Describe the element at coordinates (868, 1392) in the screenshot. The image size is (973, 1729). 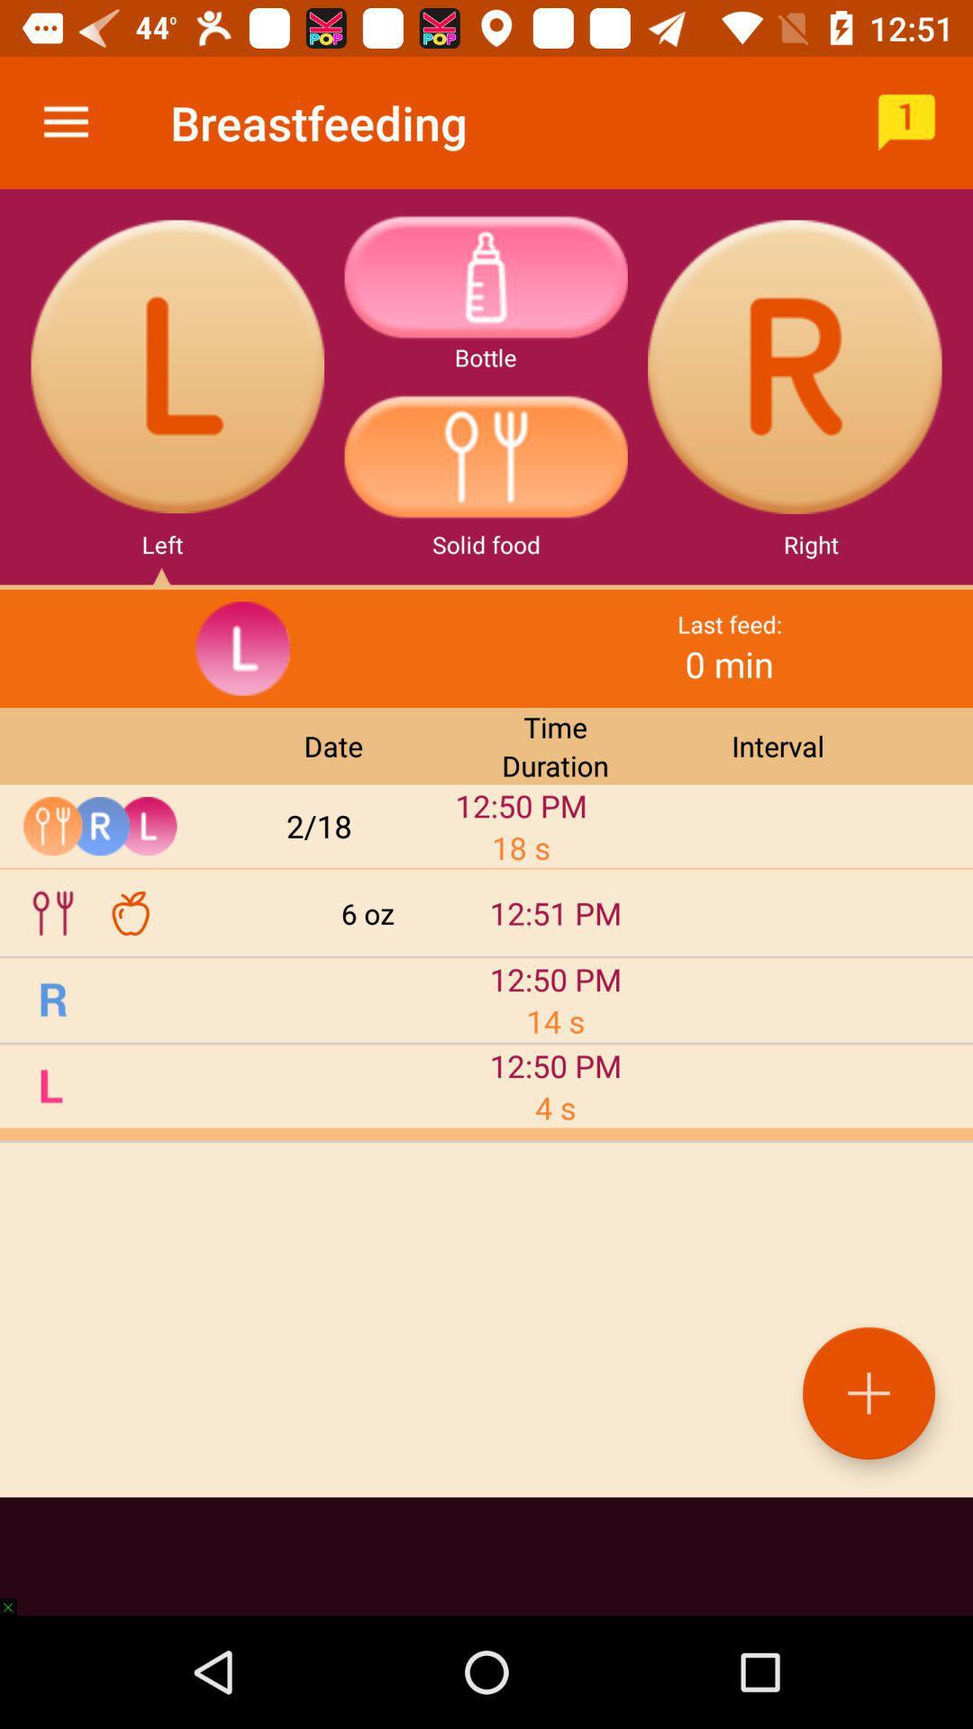
I see `the add icon` at that location.